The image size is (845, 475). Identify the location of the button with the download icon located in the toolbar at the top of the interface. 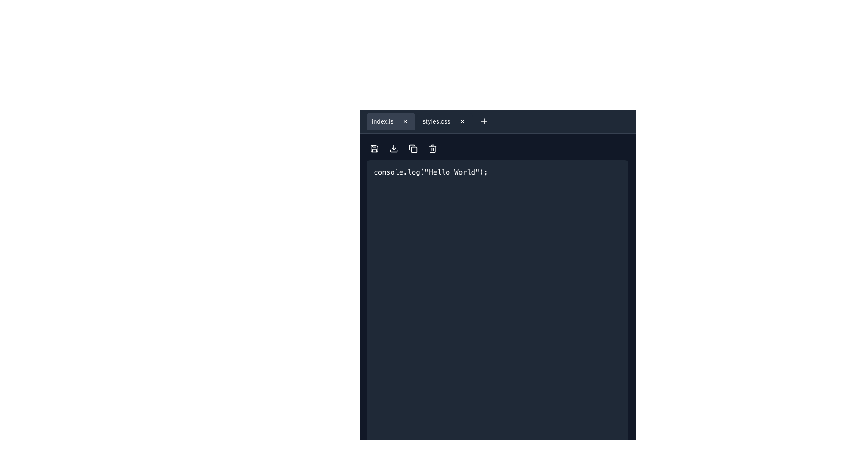
(393, 148).